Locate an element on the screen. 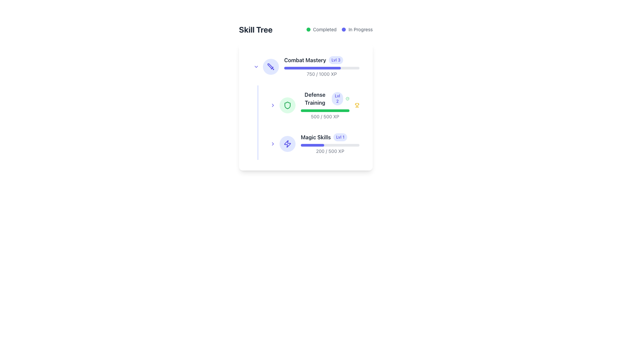 Image resolution: width=639 pixels, height=359 pixels. the progress bar indicating the percentage of experience gained in the 'Defense Training' skill, located below the title 'Defense Training' and above '500 / 500 XP' is located at coordinates (325, 110).